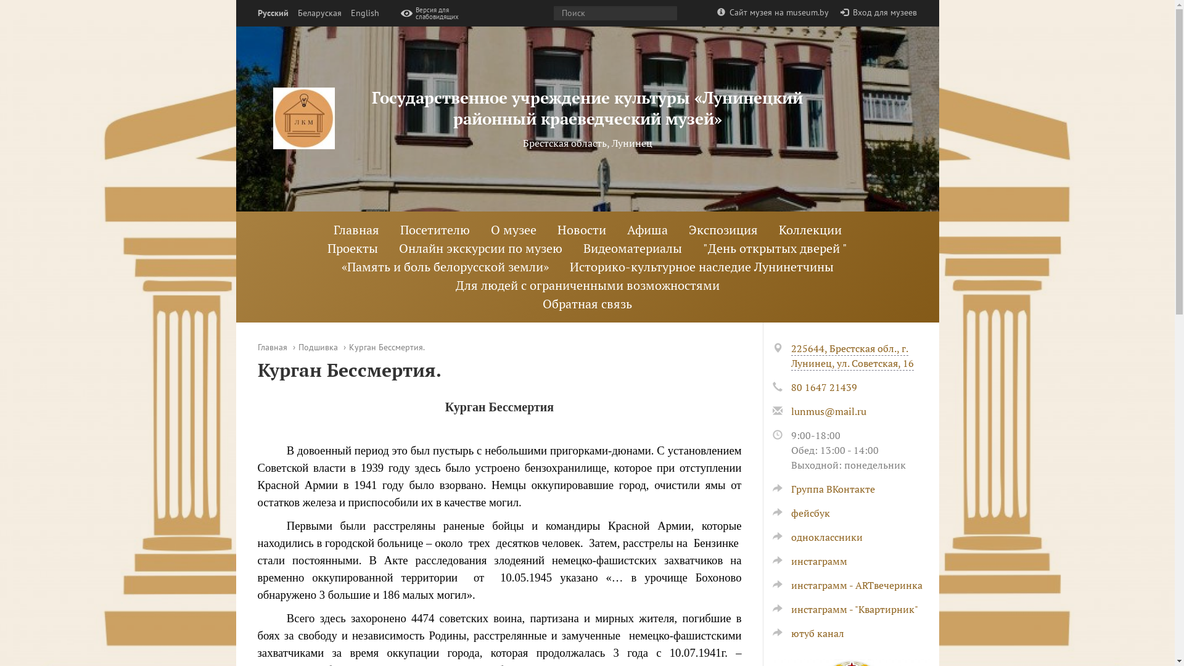  What do you see at coordinates (823, 387) in the screenshot?
I see `'80 1647 21439'` at bounding box center [823, 387].